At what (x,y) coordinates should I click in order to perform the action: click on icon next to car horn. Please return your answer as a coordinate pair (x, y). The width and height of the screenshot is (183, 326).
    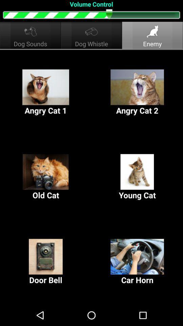
    Looking at the image, I should click on (46, 261).